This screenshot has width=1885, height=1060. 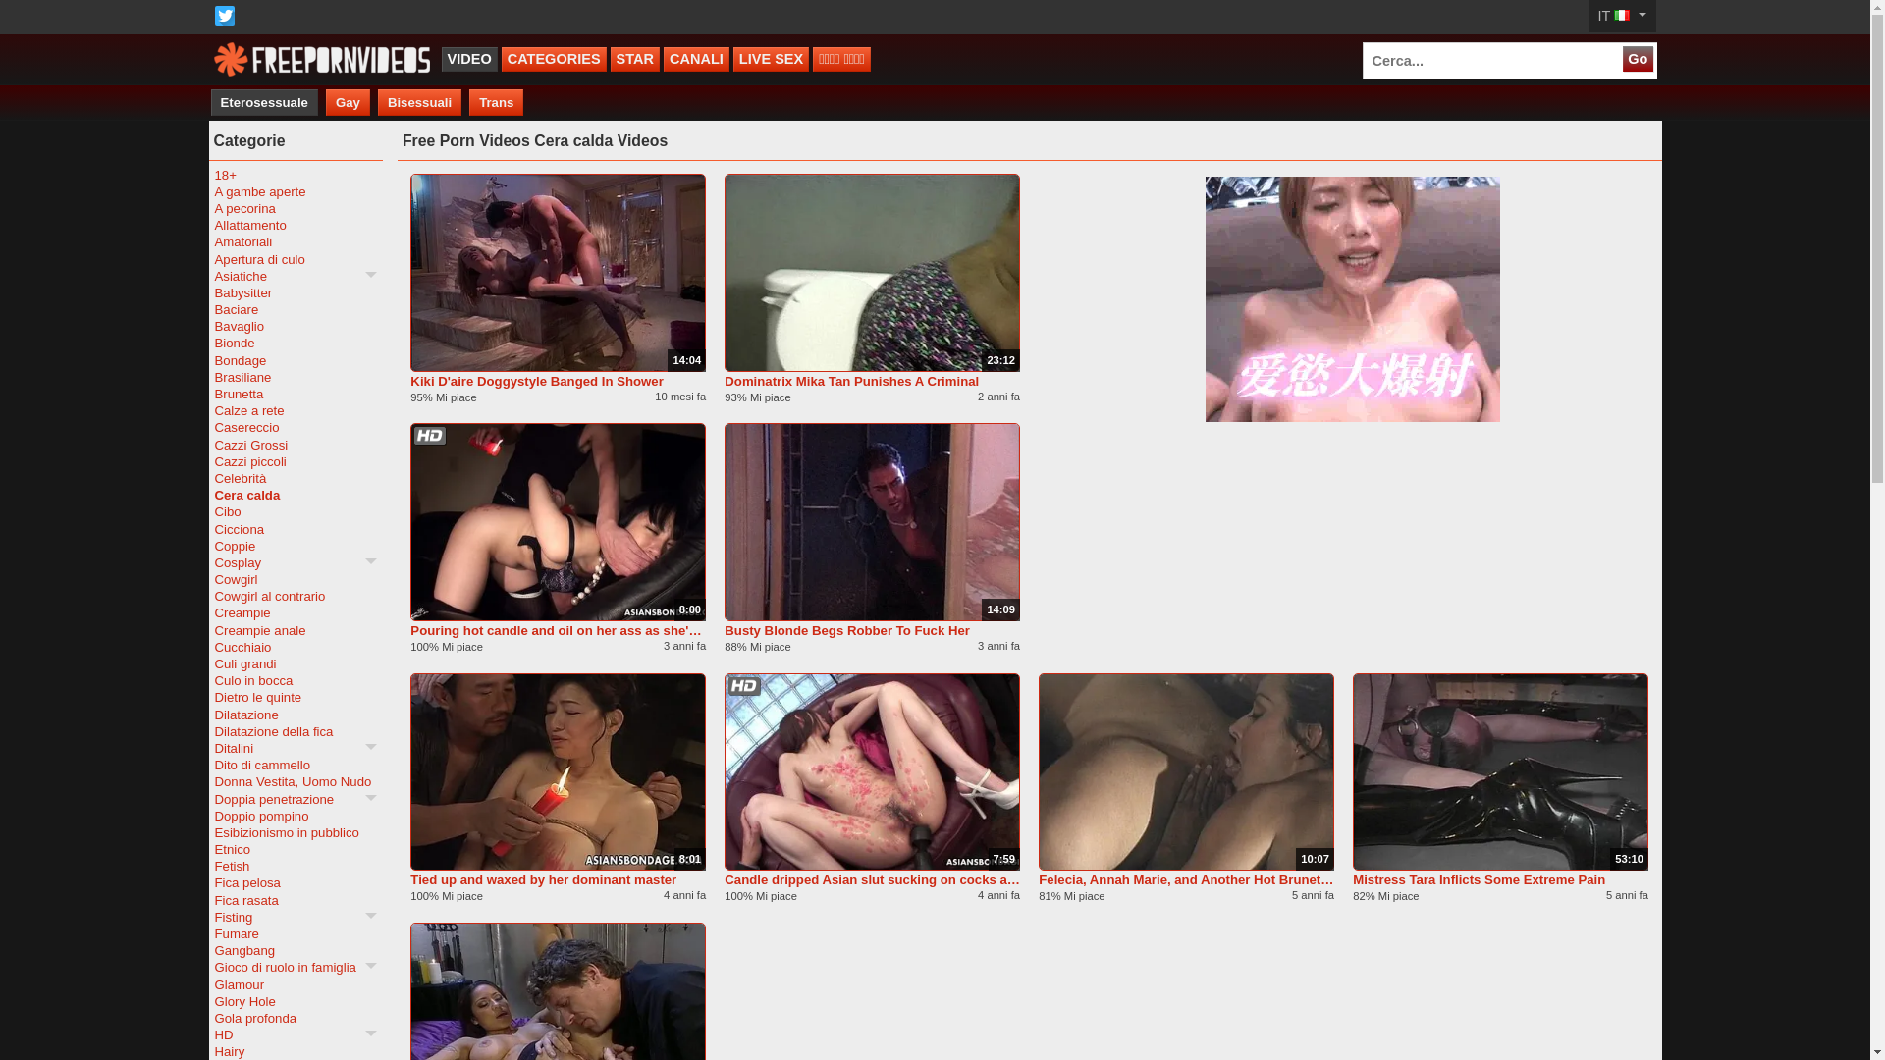 What do you see at coordinates (557, 770) in the screenshot?
I see `'8:01'` at bounding box center [557, 770].